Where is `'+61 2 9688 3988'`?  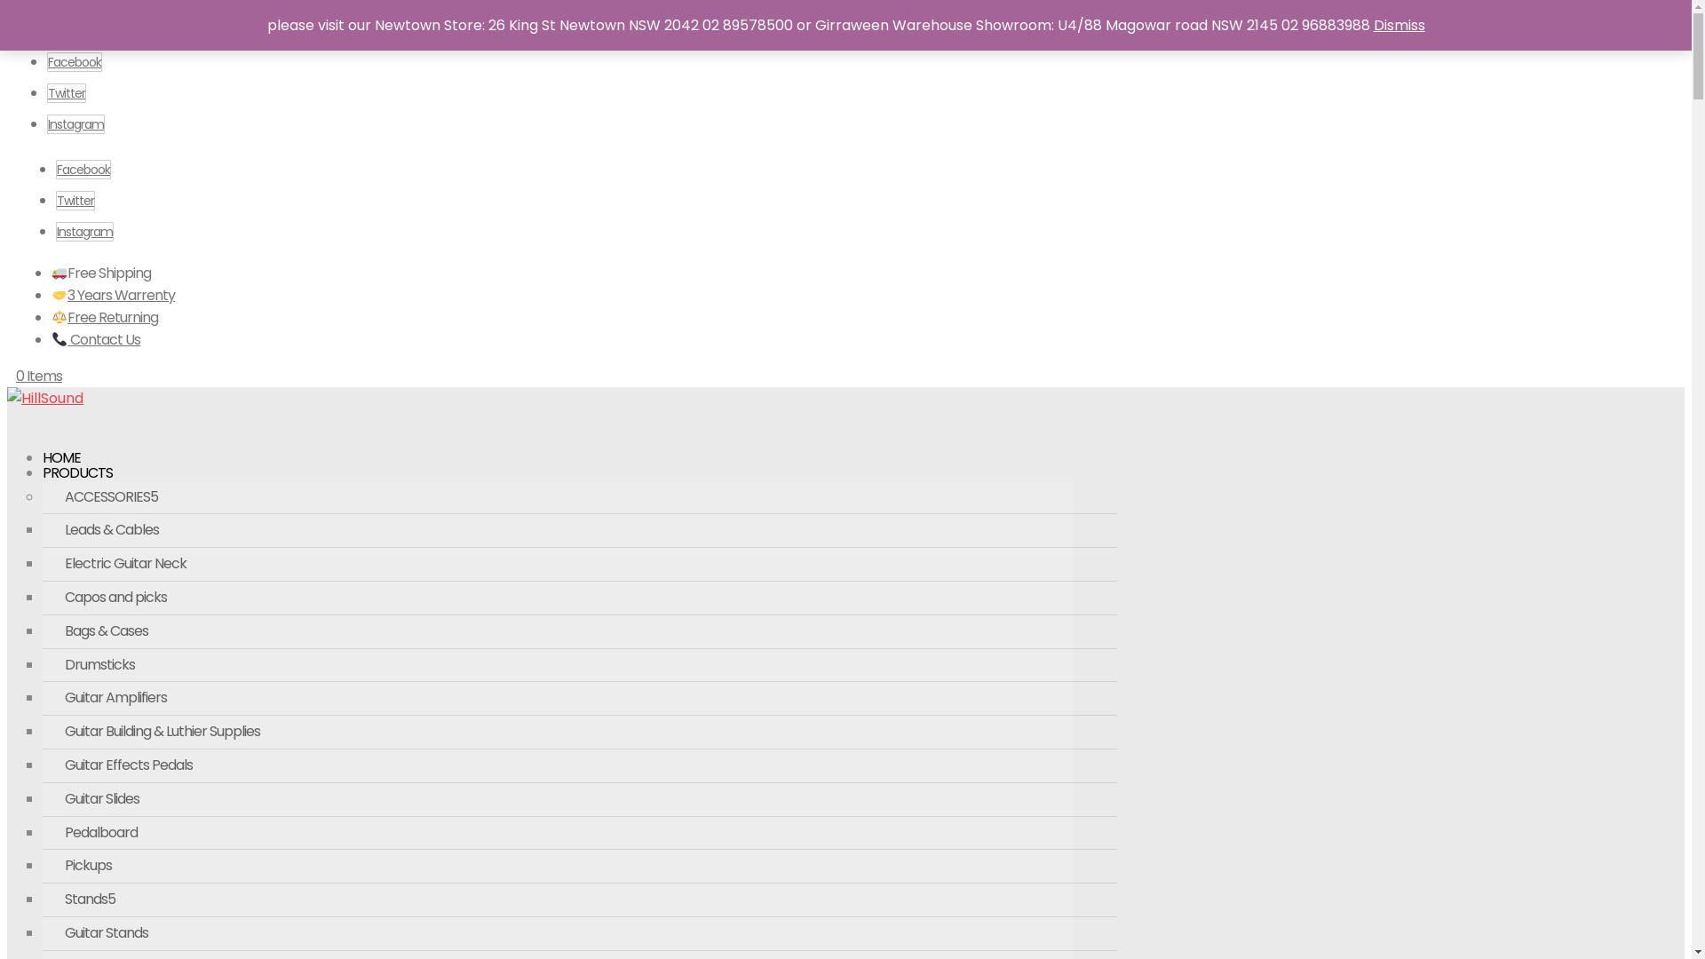
'+61 2 9688 3988' is located at coordinates (52, 20).